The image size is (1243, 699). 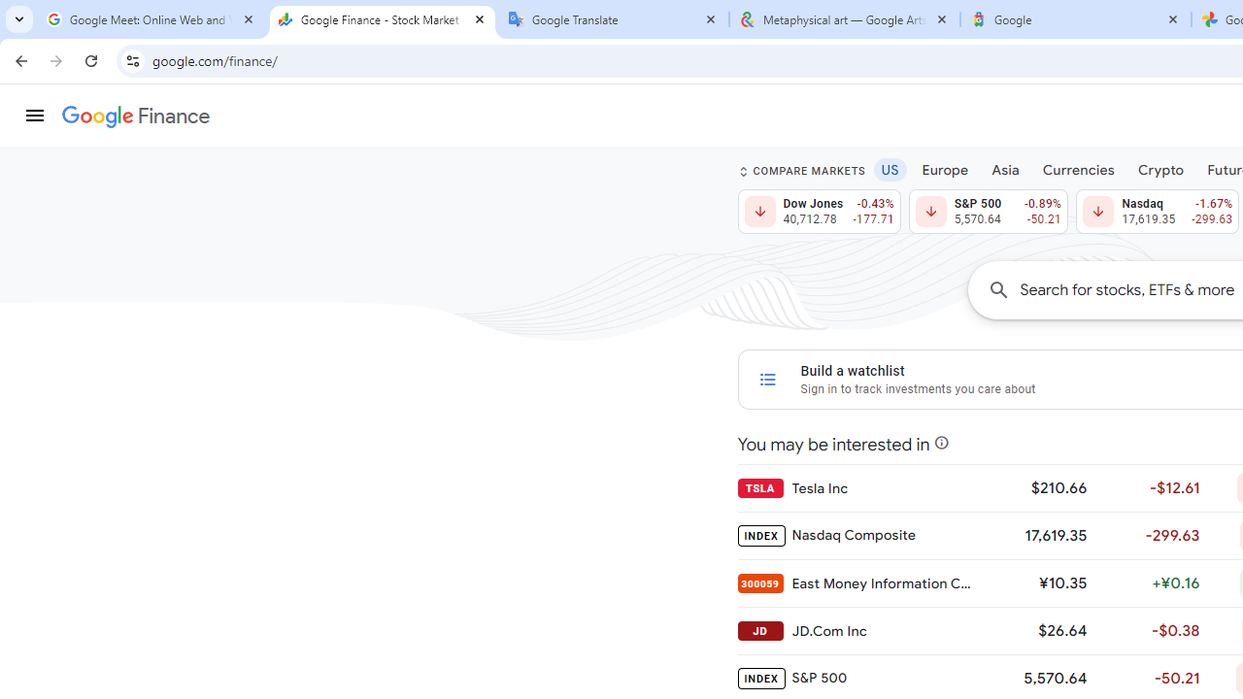 I want to click on 'Nasdaq 17,619.35 Down by 1.67% -299.63', so click(x=1158, y=212).